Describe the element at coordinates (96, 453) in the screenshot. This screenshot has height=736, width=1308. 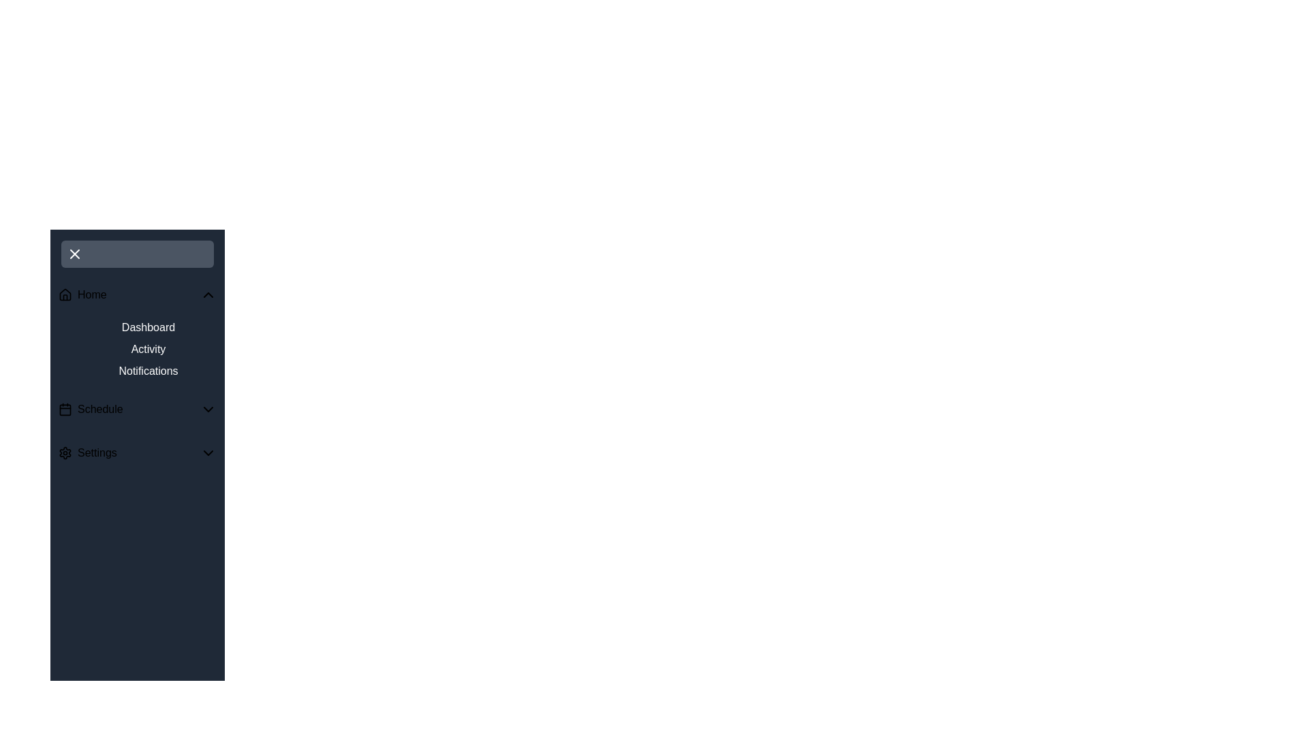
I see `the 'Settings' text label to highlight it, which is` at that location.